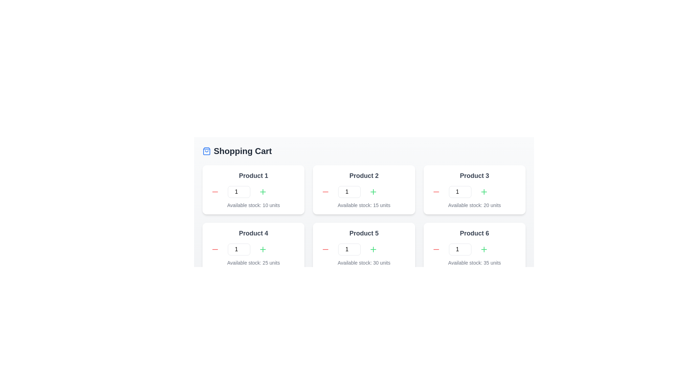 The height and width of the screenshot is (379, 675). Describe the element at coordinates (474, 205) in the screenshot. I see `the static text label that provides feedback about the available units for 'Product 3', located at the bottom of the product card in the shopping cart interface` at that location.